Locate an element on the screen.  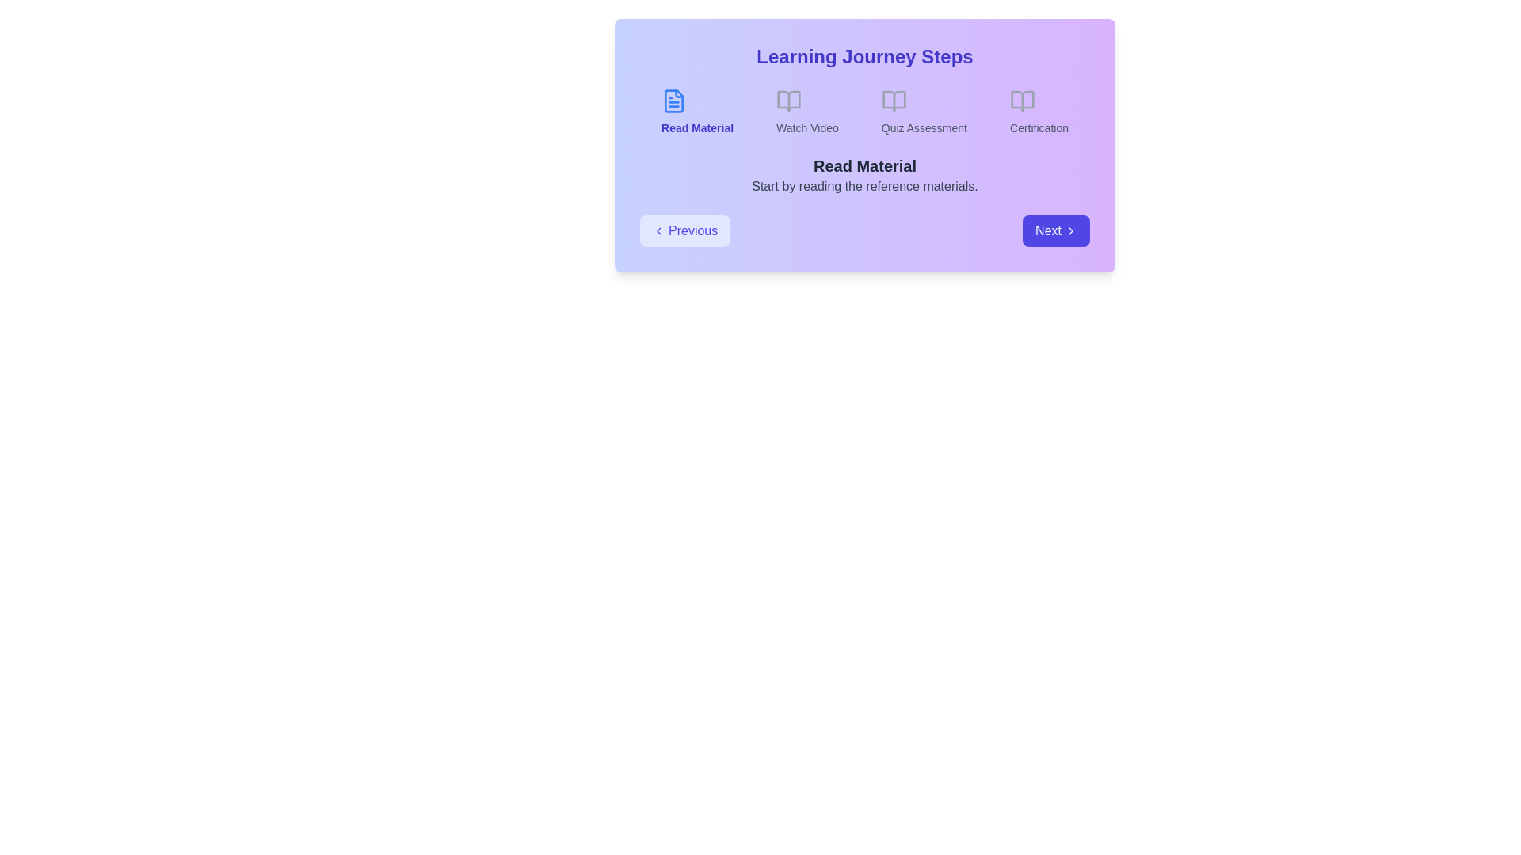
the third item in the horizontal row of the 'Learning Journey Steps' section, which likely serves as a navigation option or step indicator to proceed to the quiz assessment component is located at coordinates (924, 112).